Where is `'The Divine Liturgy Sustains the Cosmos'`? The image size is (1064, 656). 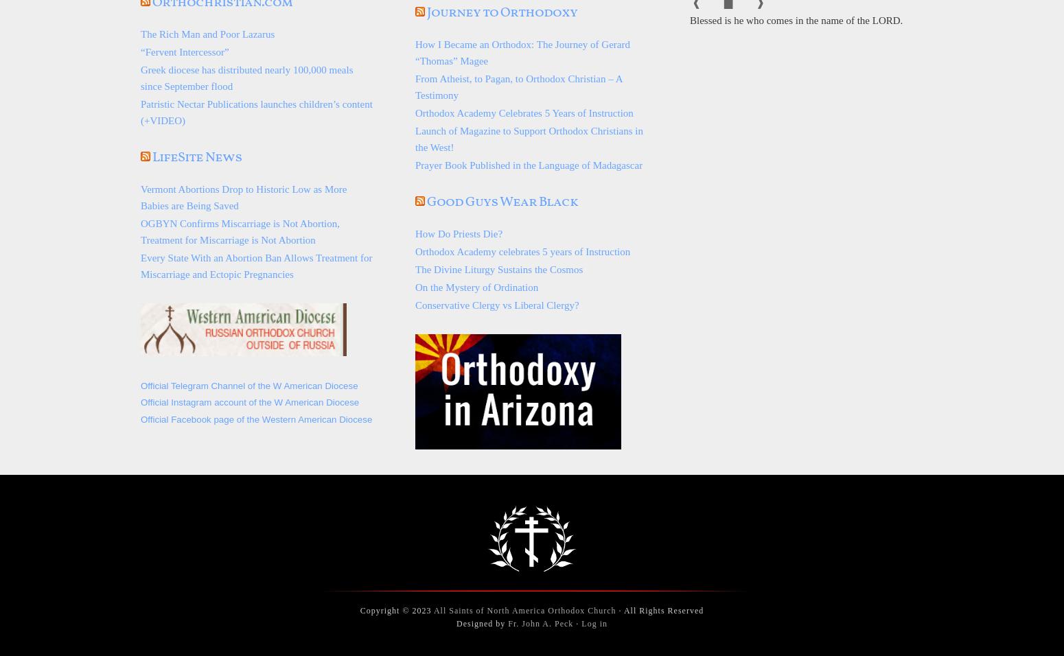
'The Divine Liturgy Sustains the Cosmos' is located at coordinates (498, 268).